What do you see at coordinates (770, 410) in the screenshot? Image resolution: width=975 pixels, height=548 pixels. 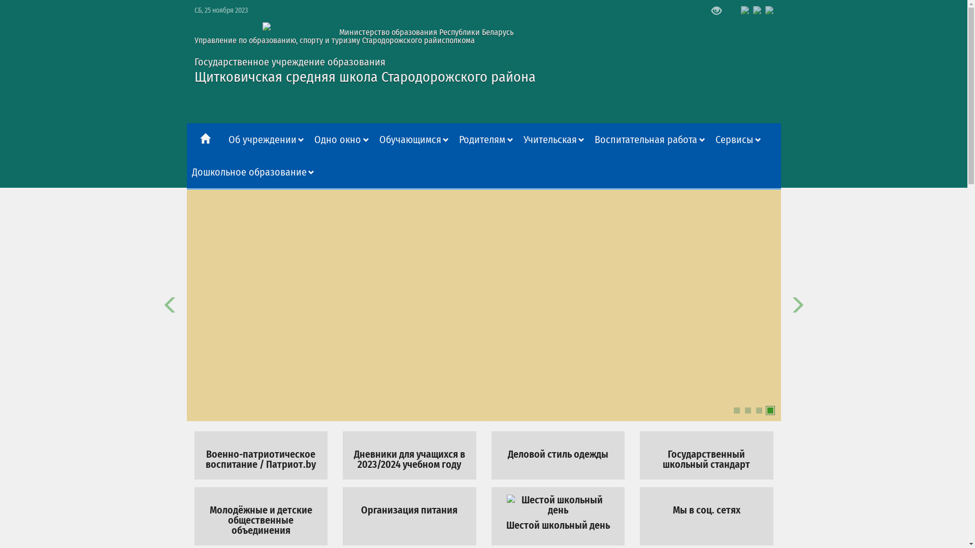 I see `'4'` at bounding box center [770, 410].